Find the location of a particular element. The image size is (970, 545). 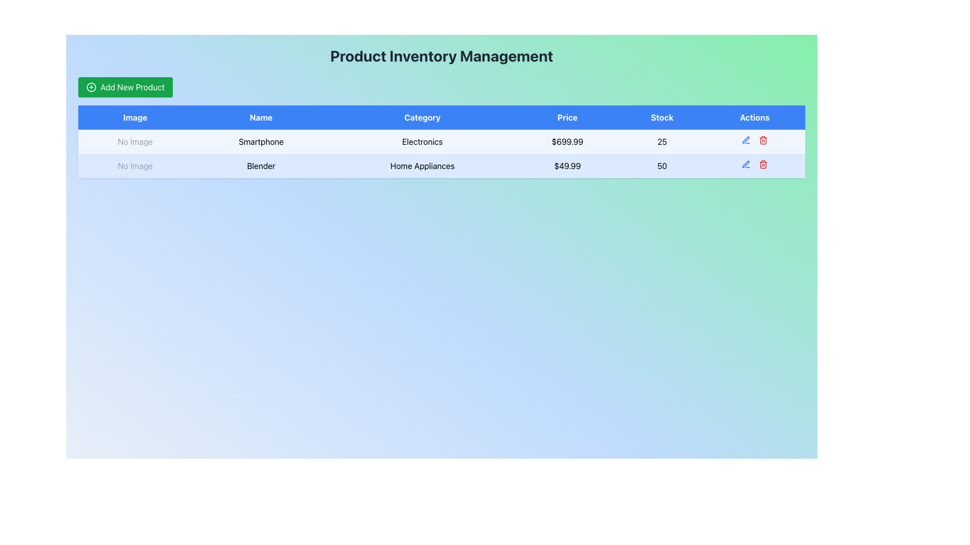

the circular graphical component of the 'Add New Product' button, which is part of an SVG icon indicating an addition action is located at coordinates (91, 87).